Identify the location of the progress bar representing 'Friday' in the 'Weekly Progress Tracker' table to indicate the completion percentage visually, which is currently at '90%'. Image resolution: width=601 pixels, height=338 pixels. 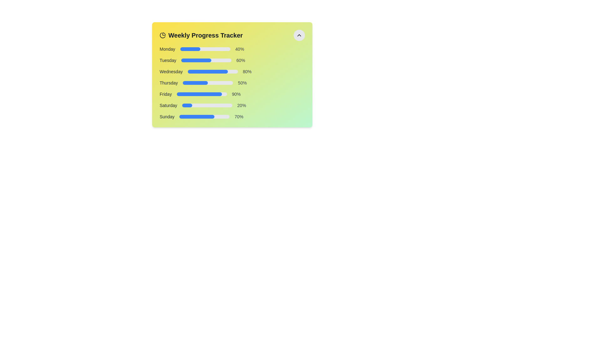
(202, 94).